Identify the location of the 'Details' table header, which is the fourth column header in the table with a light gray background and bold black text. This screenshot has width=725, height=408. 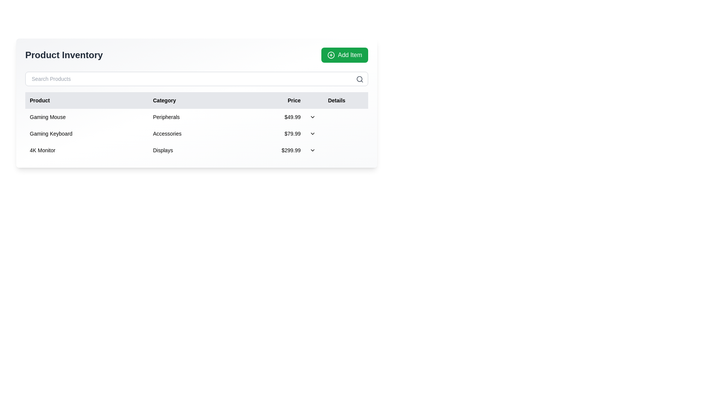
(336, 100).